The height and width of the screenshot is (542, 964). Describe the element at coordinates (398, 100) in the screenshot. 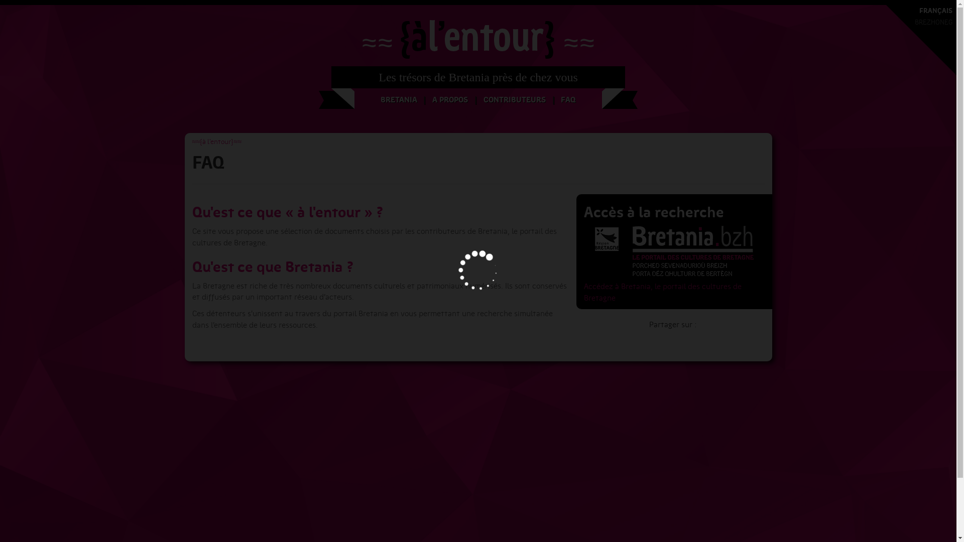

I see `'BRETANIA'` at that location.